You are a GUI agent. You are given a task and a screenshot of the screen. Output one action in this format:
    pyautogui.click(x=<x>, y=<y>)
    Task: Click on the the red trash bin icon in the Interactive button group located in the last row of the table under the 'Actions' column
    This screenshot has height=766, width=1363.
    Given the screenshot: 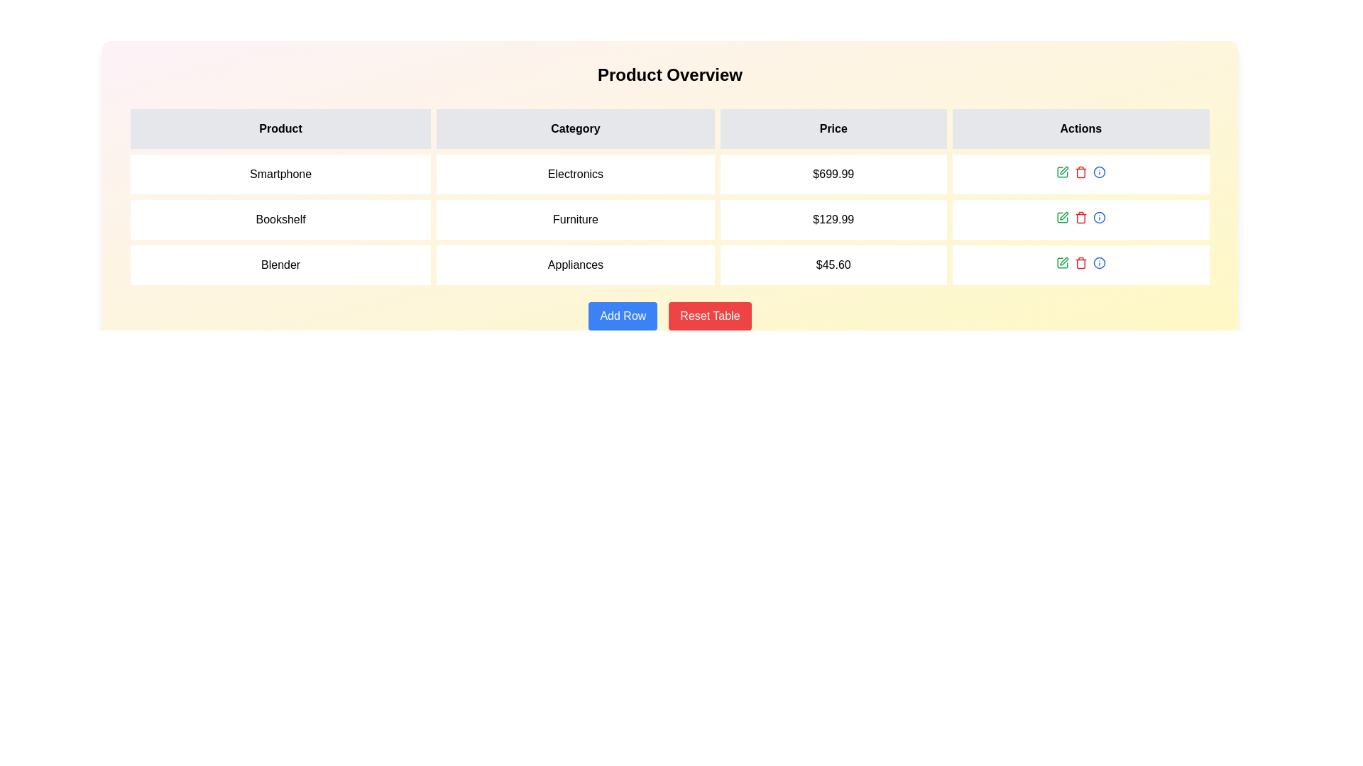 What is the action you would take?
    pyautogui.click(x=1080, y=262)
    